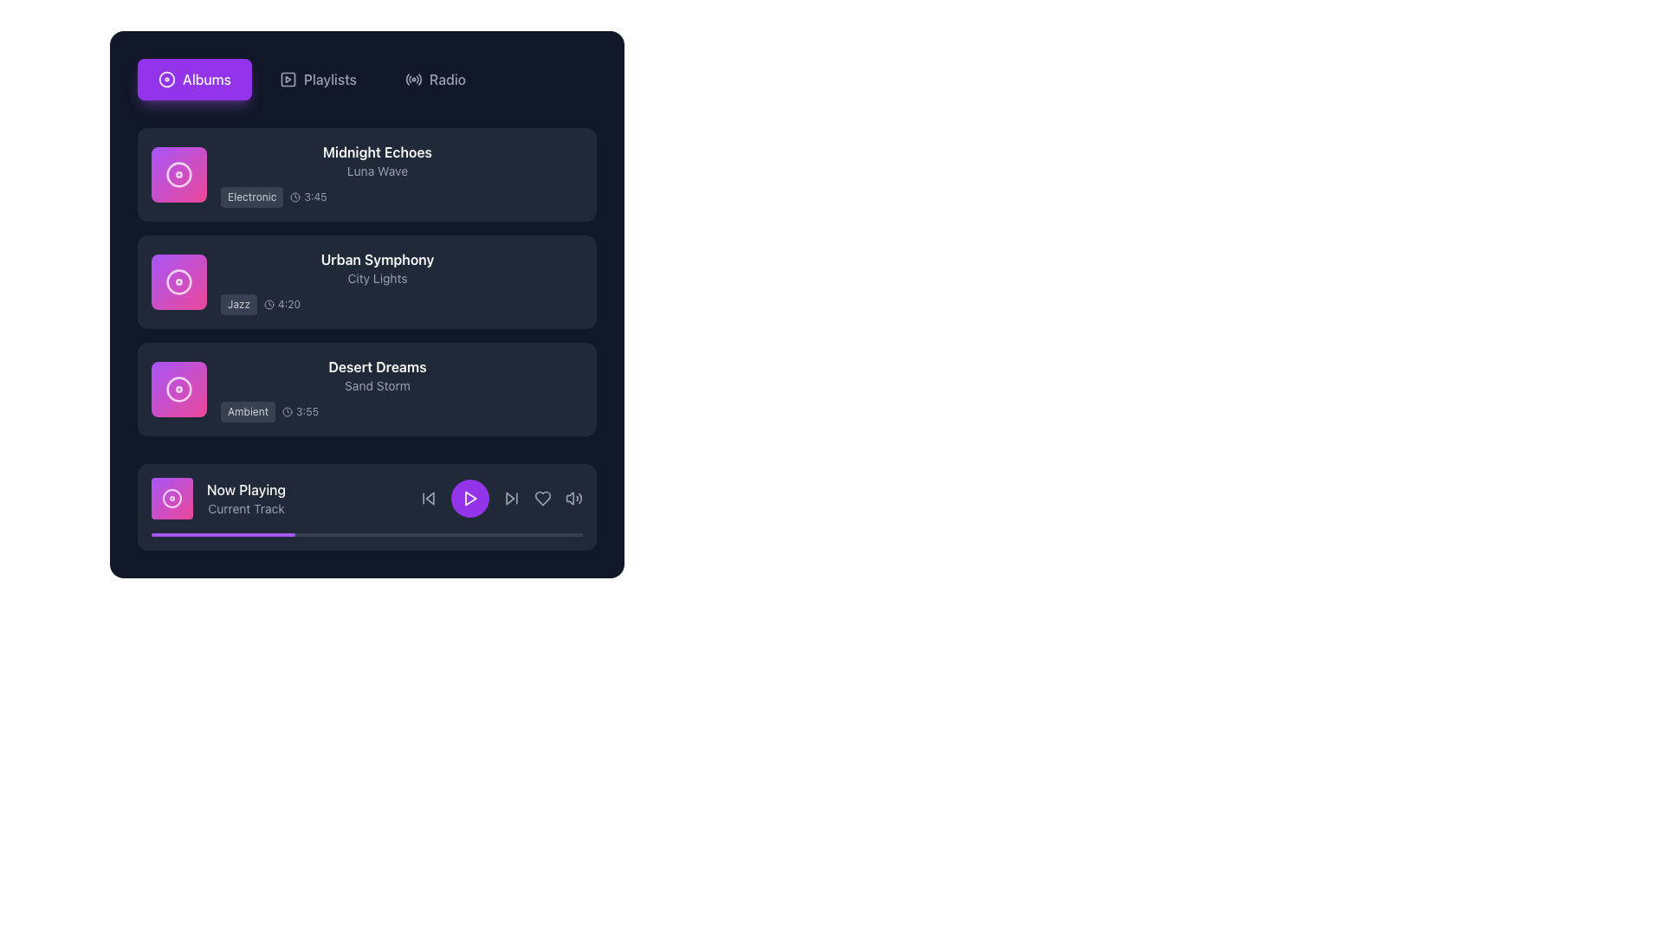  I want to click on the gray skip forward button in the bottom control panel of the music player interface to change its color to white, so click(510, 498).